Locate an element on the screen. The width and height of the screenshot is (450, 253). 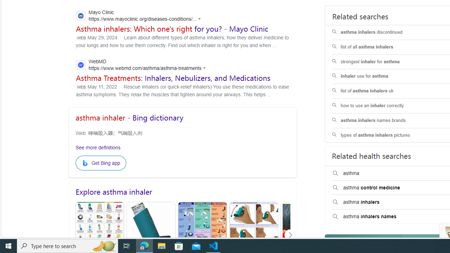
'Asthma inhalers: Which one' is located at coordinates (172, 28).